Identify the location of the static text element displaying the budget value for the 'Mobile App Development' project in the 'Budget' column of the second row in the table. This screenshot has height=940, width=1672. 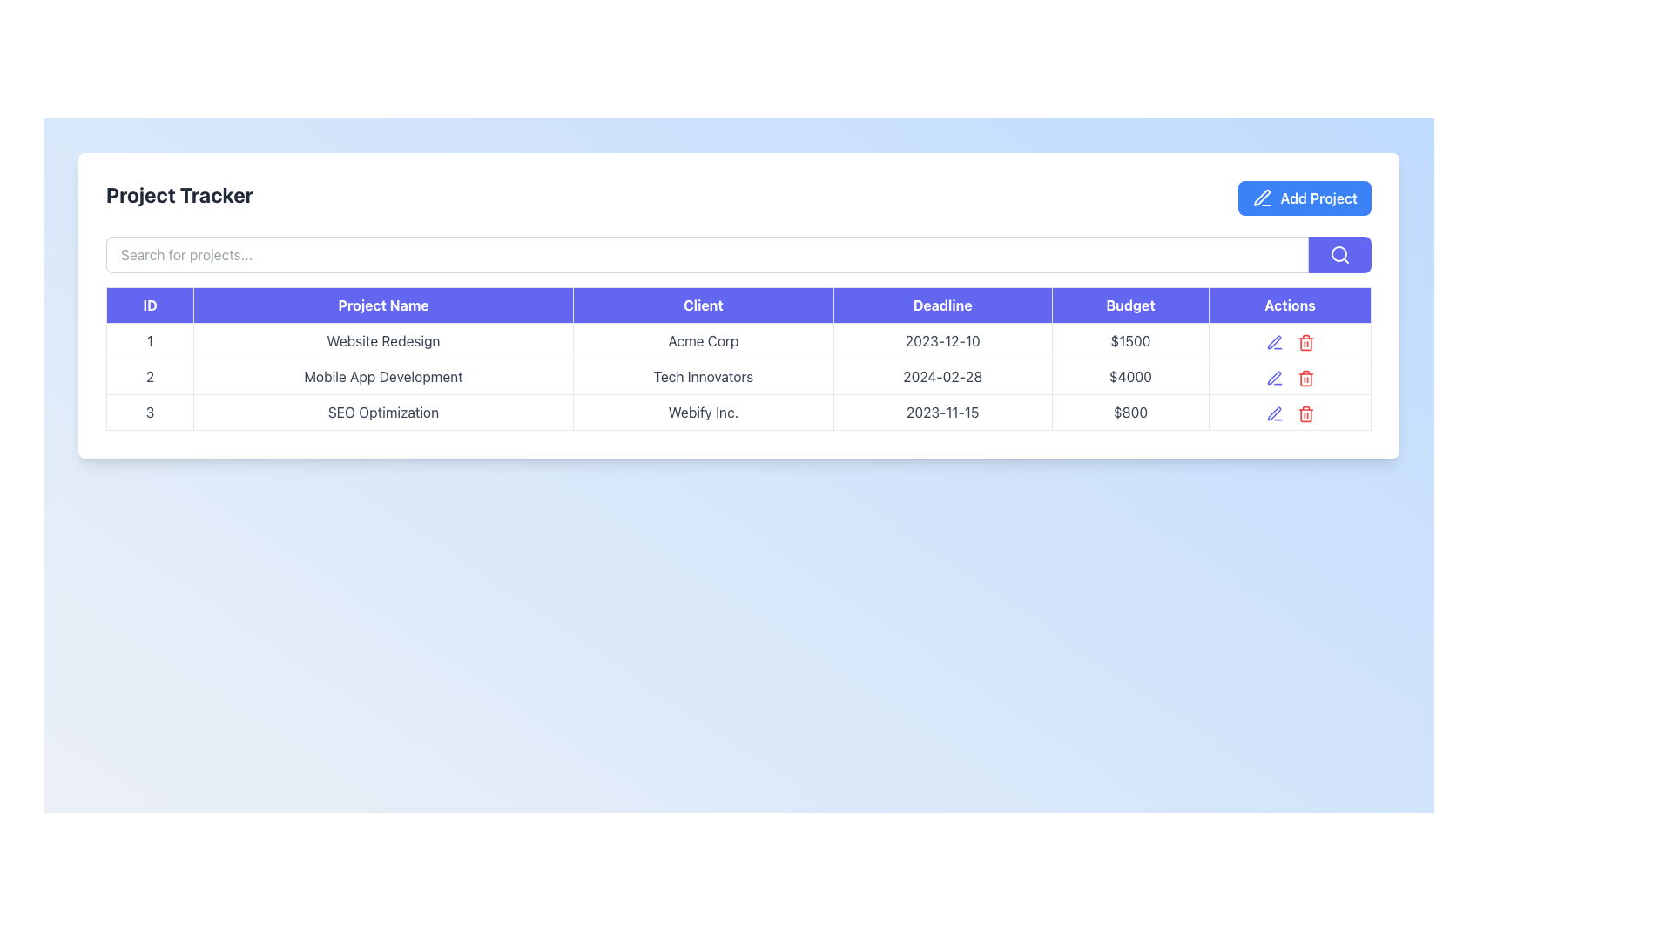
(1130, 375).